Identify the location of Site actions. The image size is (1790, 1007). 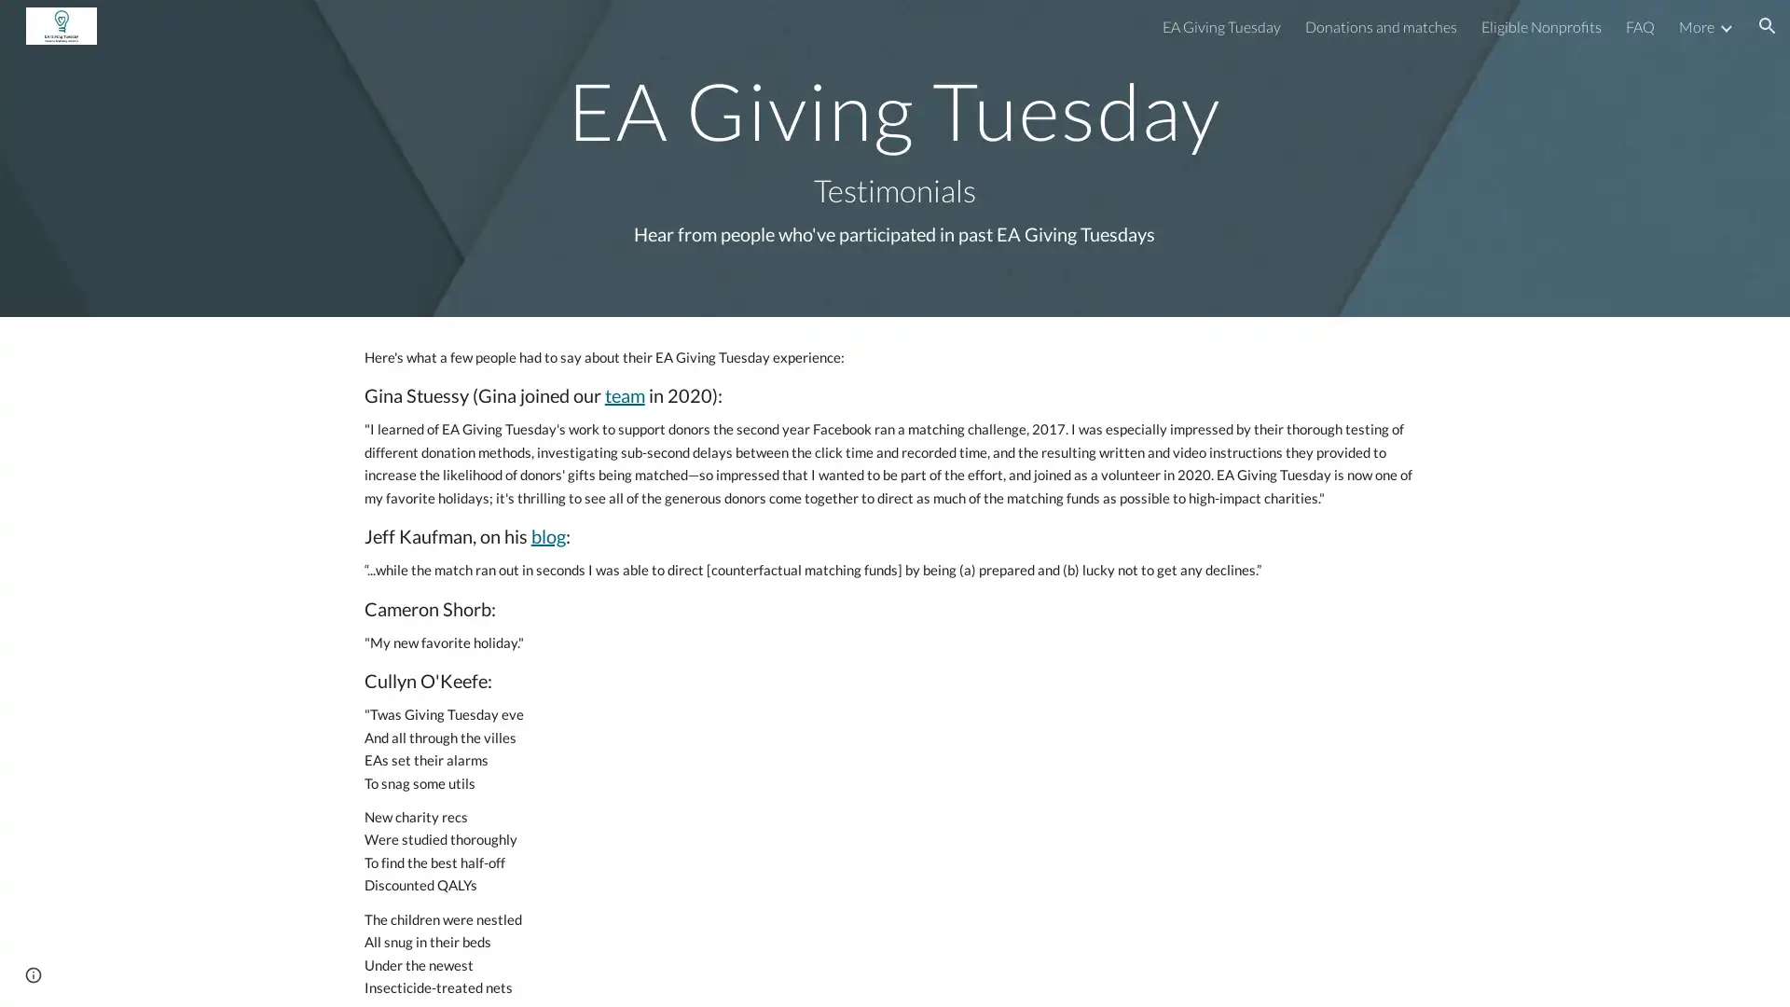
(33, 973).